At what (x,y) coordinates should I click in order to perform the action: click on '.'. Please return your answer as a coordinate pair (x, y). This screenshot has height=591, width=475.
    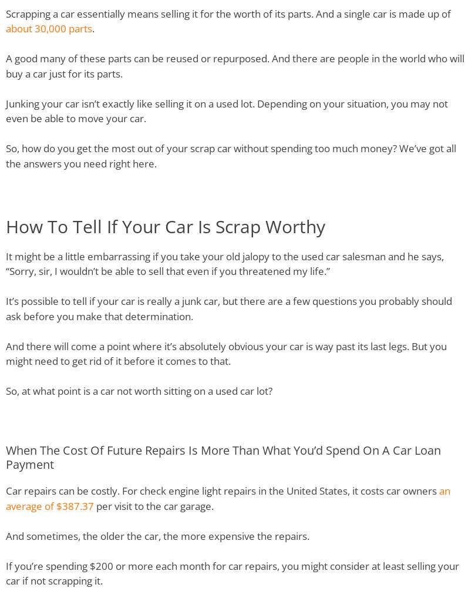
    Looking at the image, I should click on (92, 28).